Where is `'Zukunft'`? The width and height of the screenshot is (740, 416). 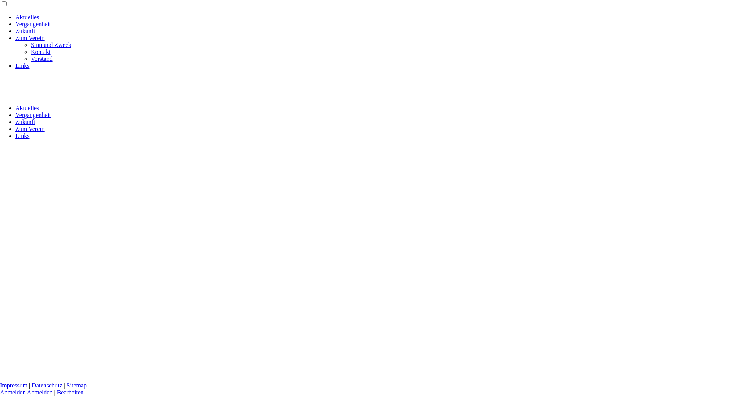
'Zukunft' is located at coordinates (25, 30).